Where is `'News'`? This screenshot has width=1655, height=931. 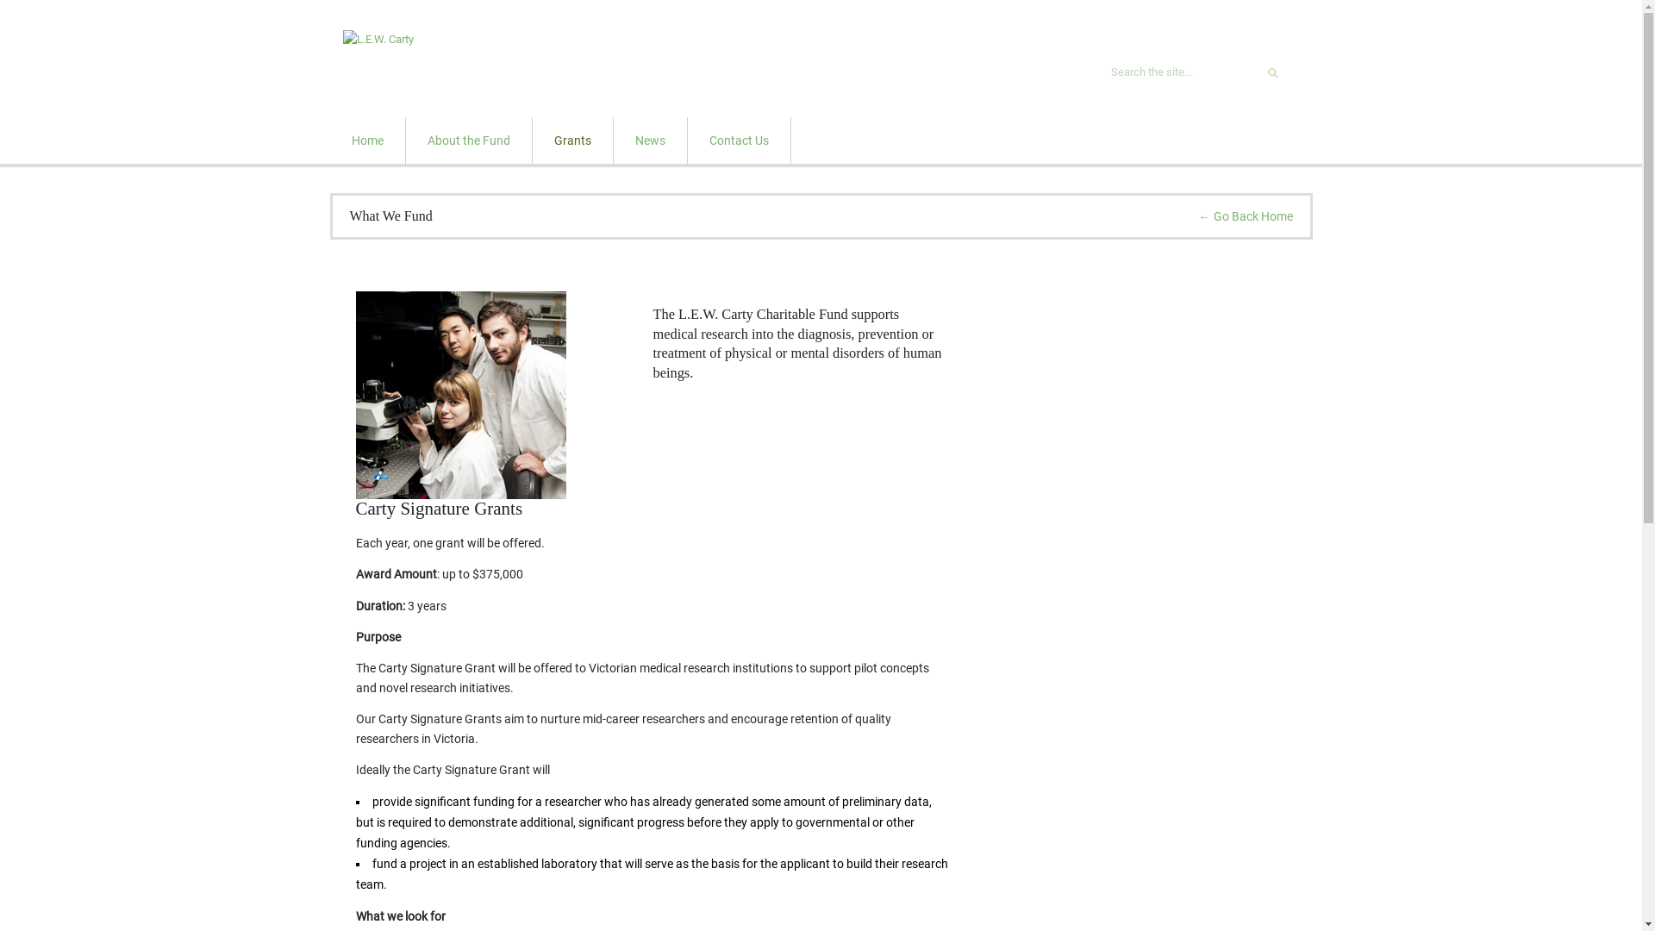 'News' is located at coordinates (648, 139).